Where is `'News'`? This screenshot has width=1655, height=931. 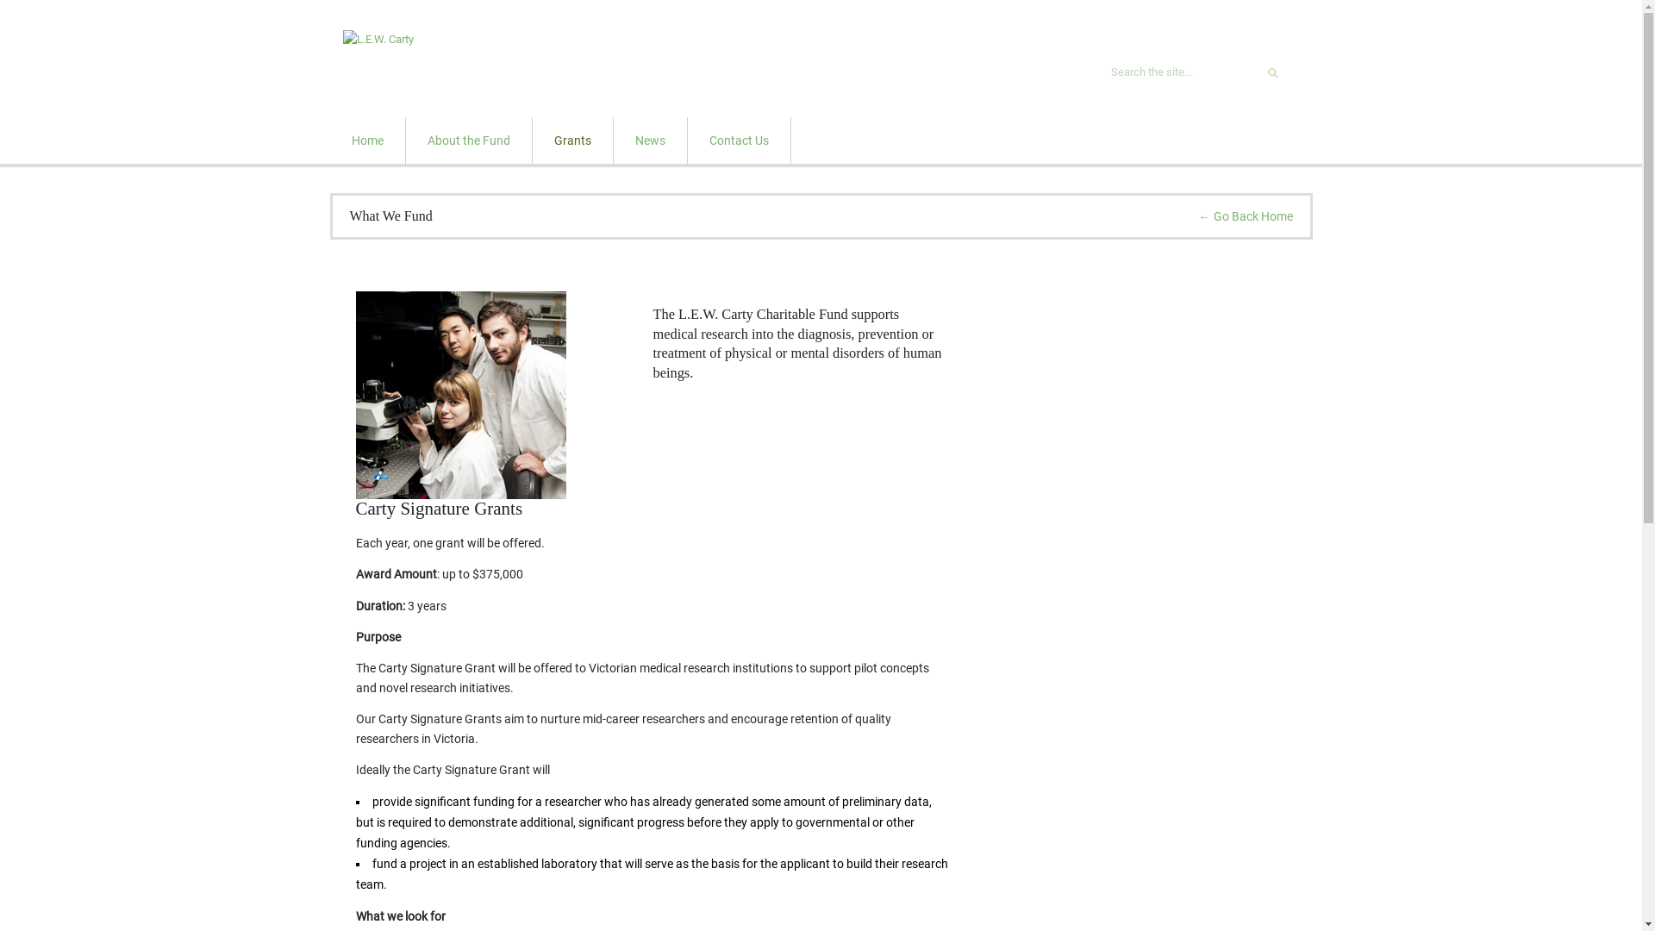 'News' is located at coordinates (648, 139).